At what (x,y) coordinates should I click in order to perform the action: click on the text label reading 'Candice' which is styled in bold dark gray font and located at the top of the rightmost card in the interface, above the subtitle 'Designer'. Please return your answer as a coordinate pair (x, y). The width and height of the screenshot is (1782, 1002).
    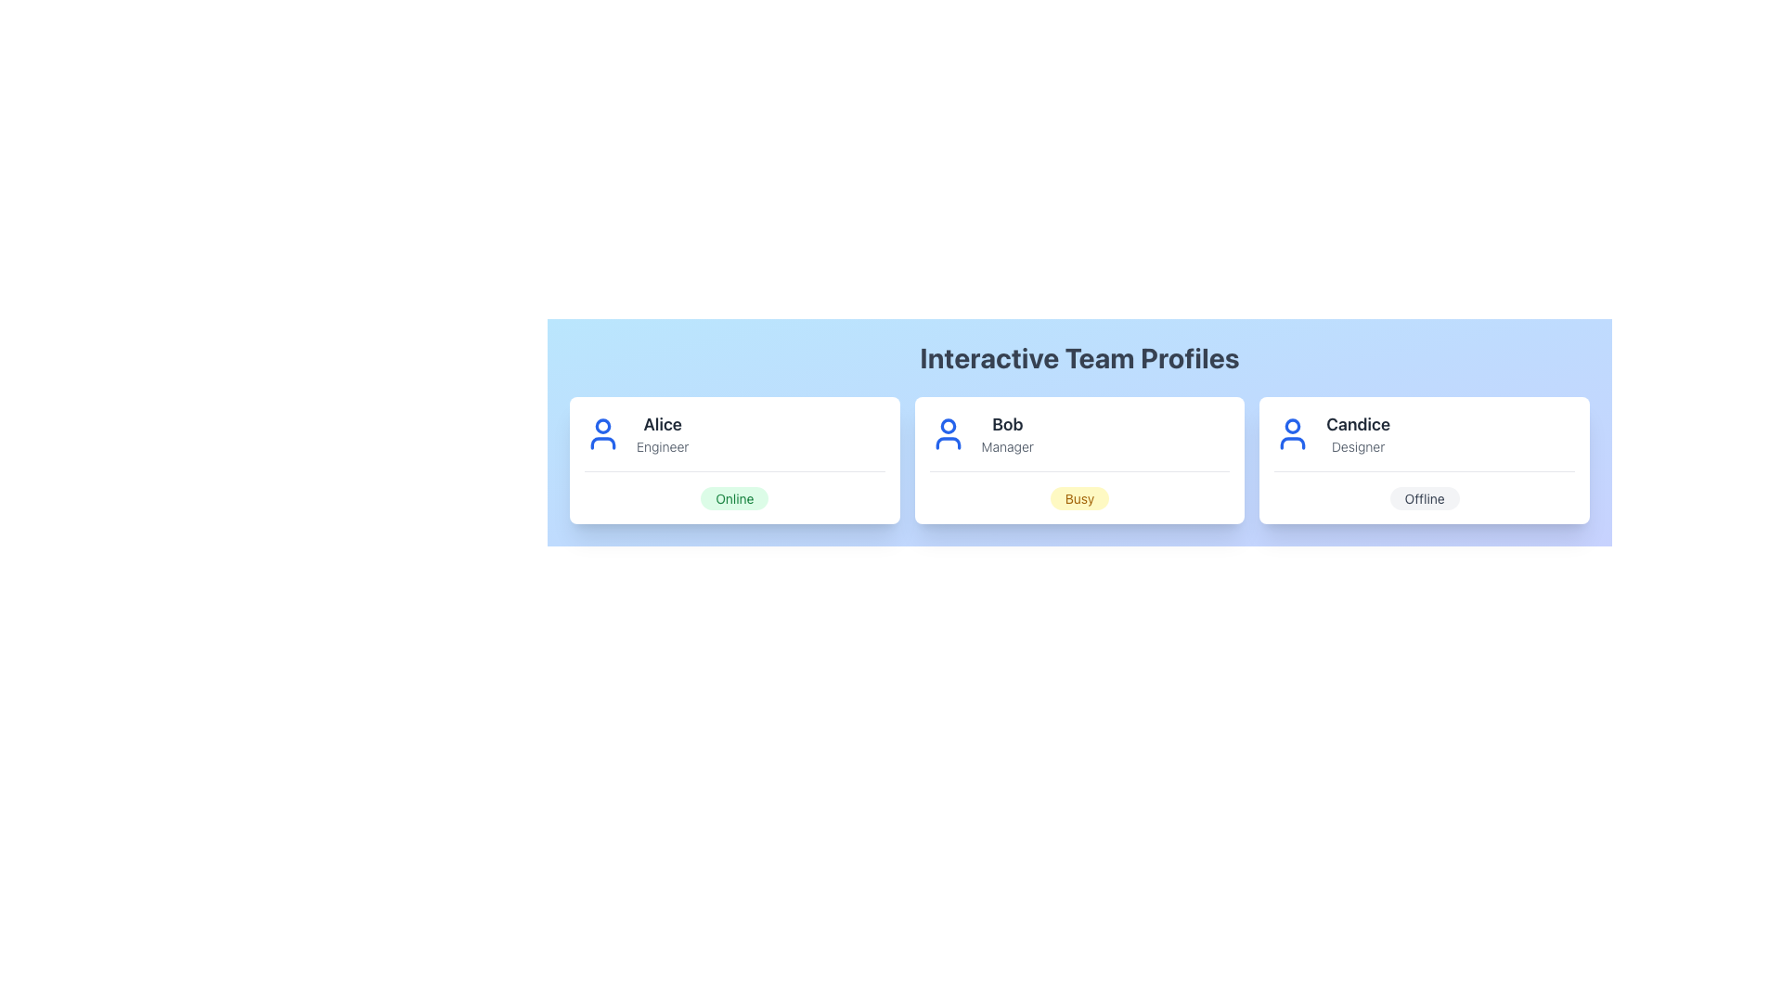
    Looking at the image, I should click on (1358, 425).